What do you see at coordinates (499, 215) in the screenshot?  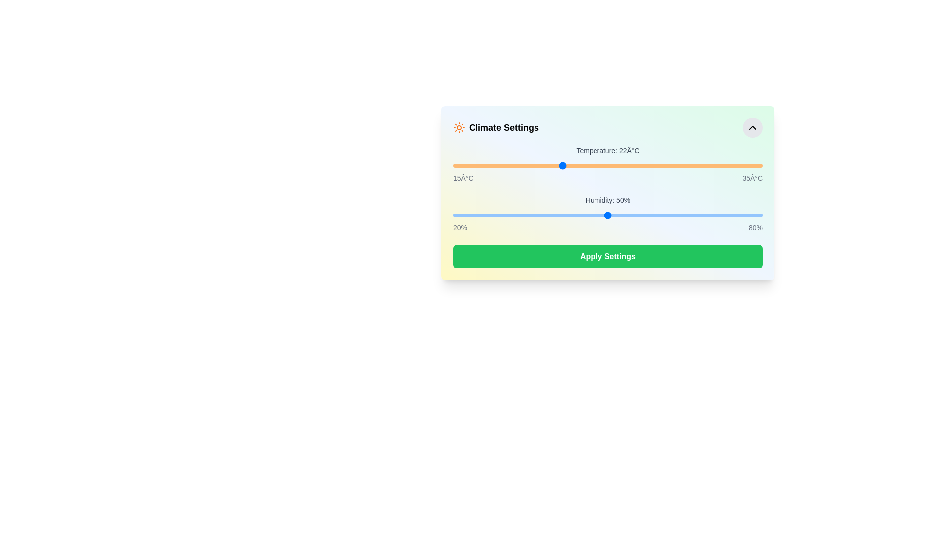 I see `humidity` at bounding box center [499, 215].